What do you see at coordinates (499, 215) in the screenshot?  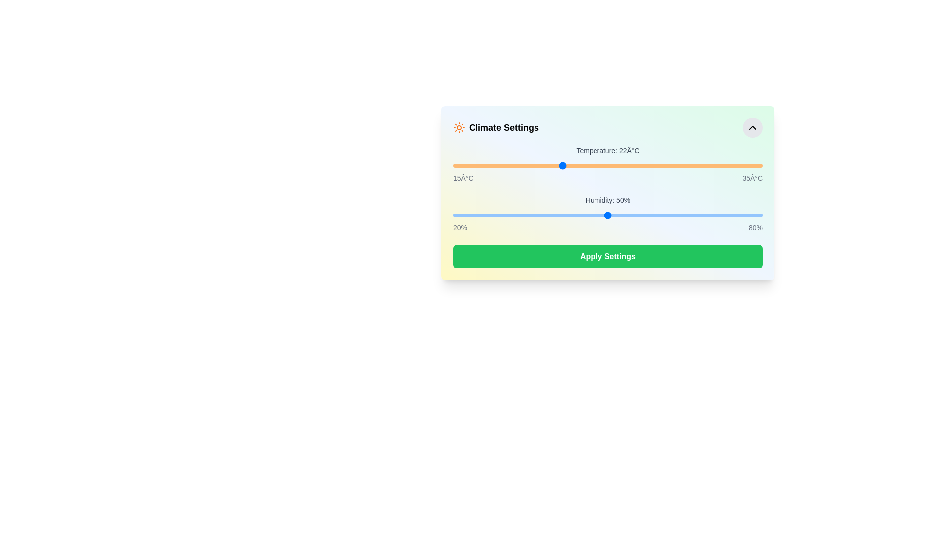 I see `humidity` at bounding box center [499, 215].